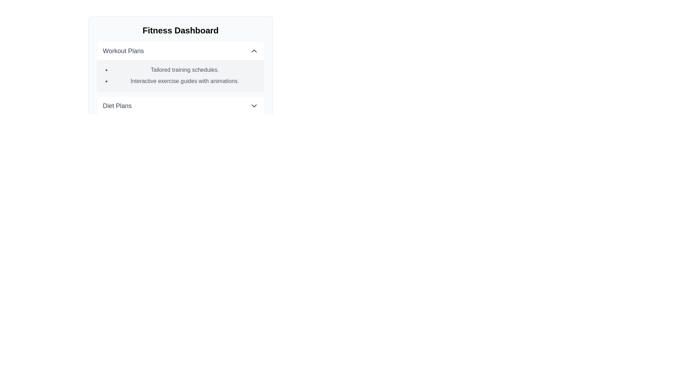  Describe the element at coordinates (254, 106) in the screenshot. I see `the downward-pointing chevron icon in the 'Diet Plans' section for accessibility interactions` at that location.